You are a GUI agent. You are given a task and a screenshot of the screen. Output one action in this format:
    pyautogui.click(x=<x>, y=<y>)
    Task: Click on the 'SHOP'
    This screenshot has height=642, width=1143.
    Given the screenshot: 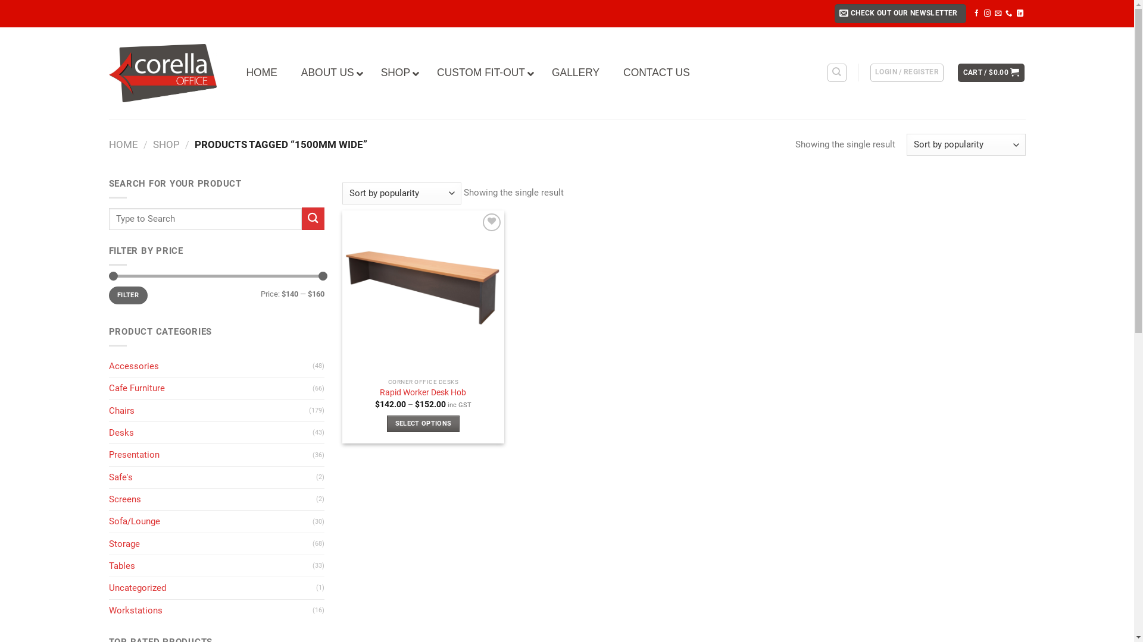 What is the action you would take?
    pyautogui.click(x=165, y=144)
    